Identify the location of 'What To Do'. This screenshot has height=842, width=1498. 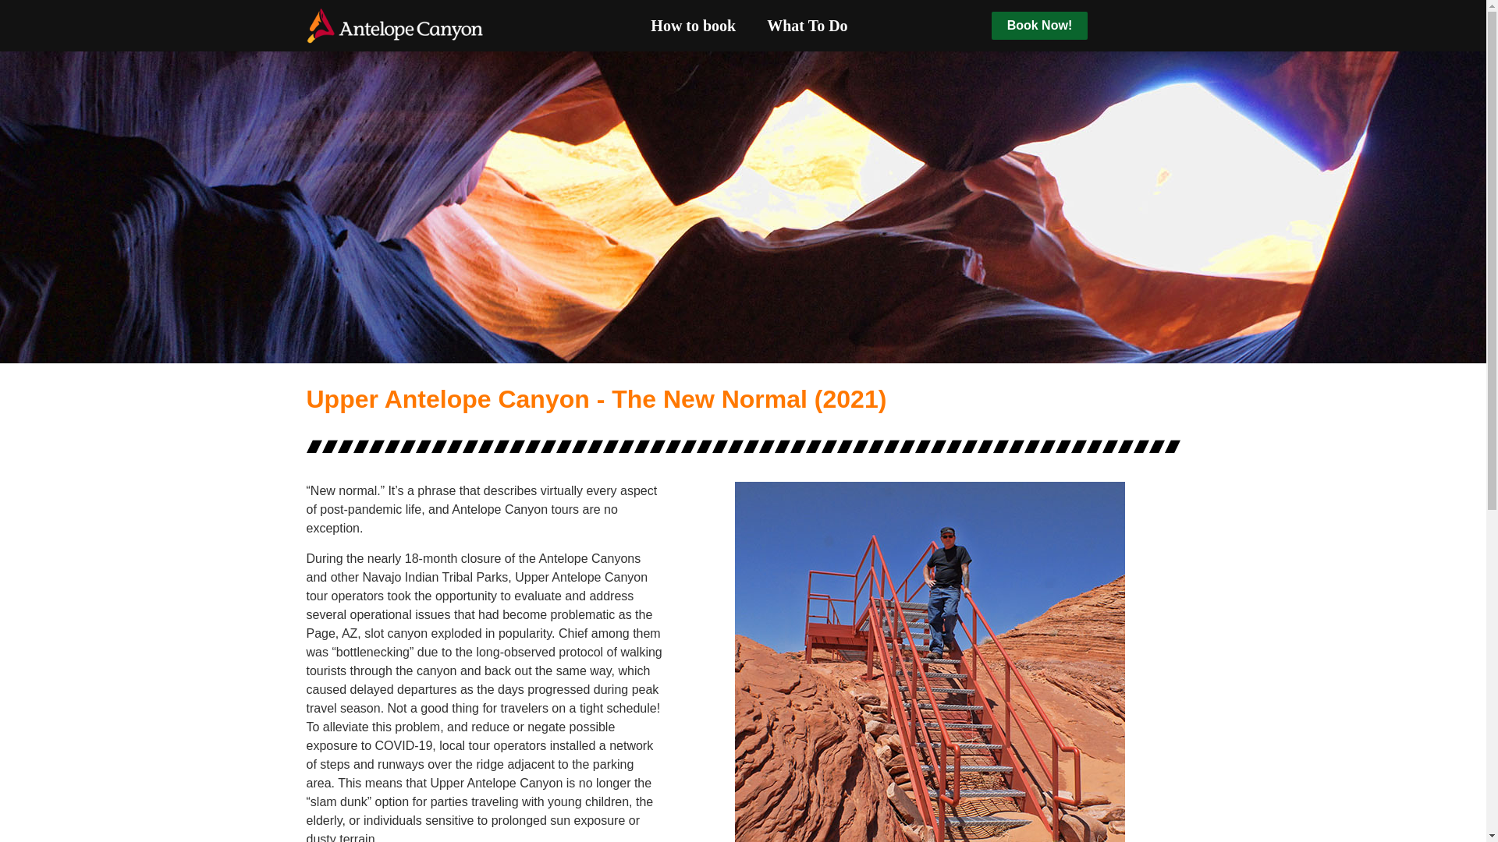
(751, 26).